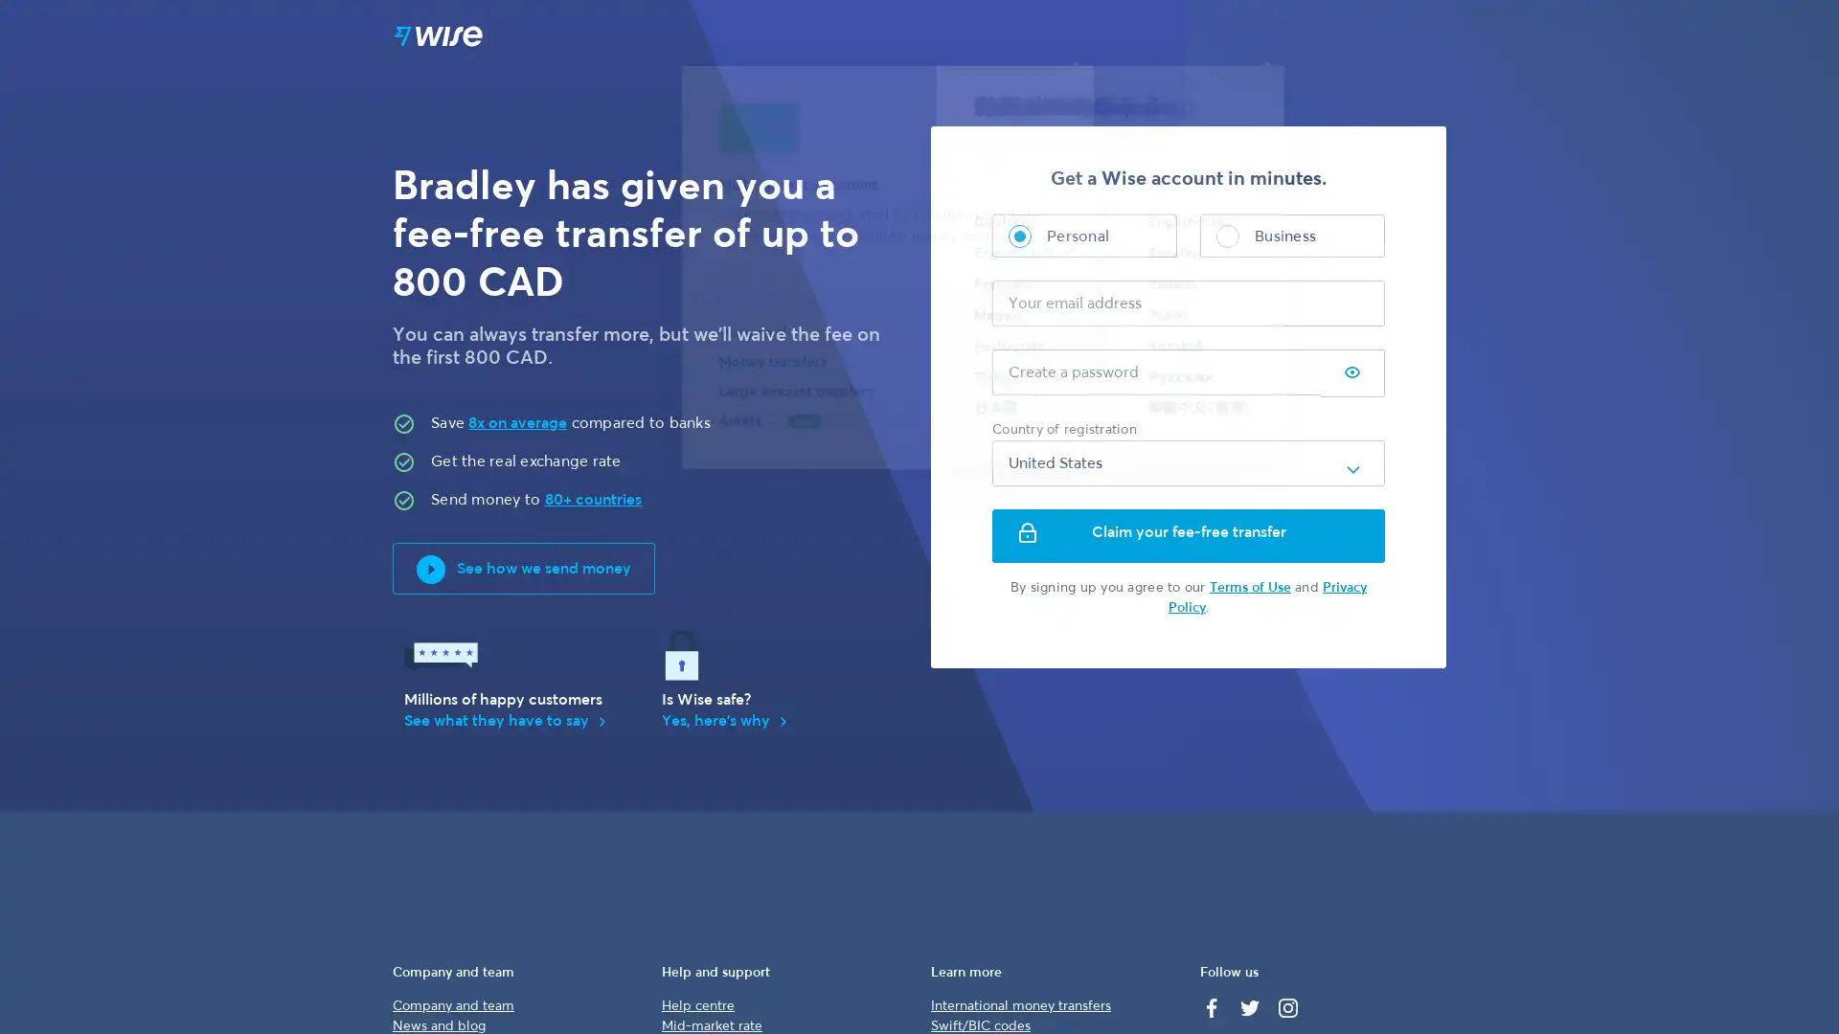 The height and width of the screenshot is (1034, 1839). Describe the element at coordinates (1351, 373) in the screenshot. I see `Show password` at that location.